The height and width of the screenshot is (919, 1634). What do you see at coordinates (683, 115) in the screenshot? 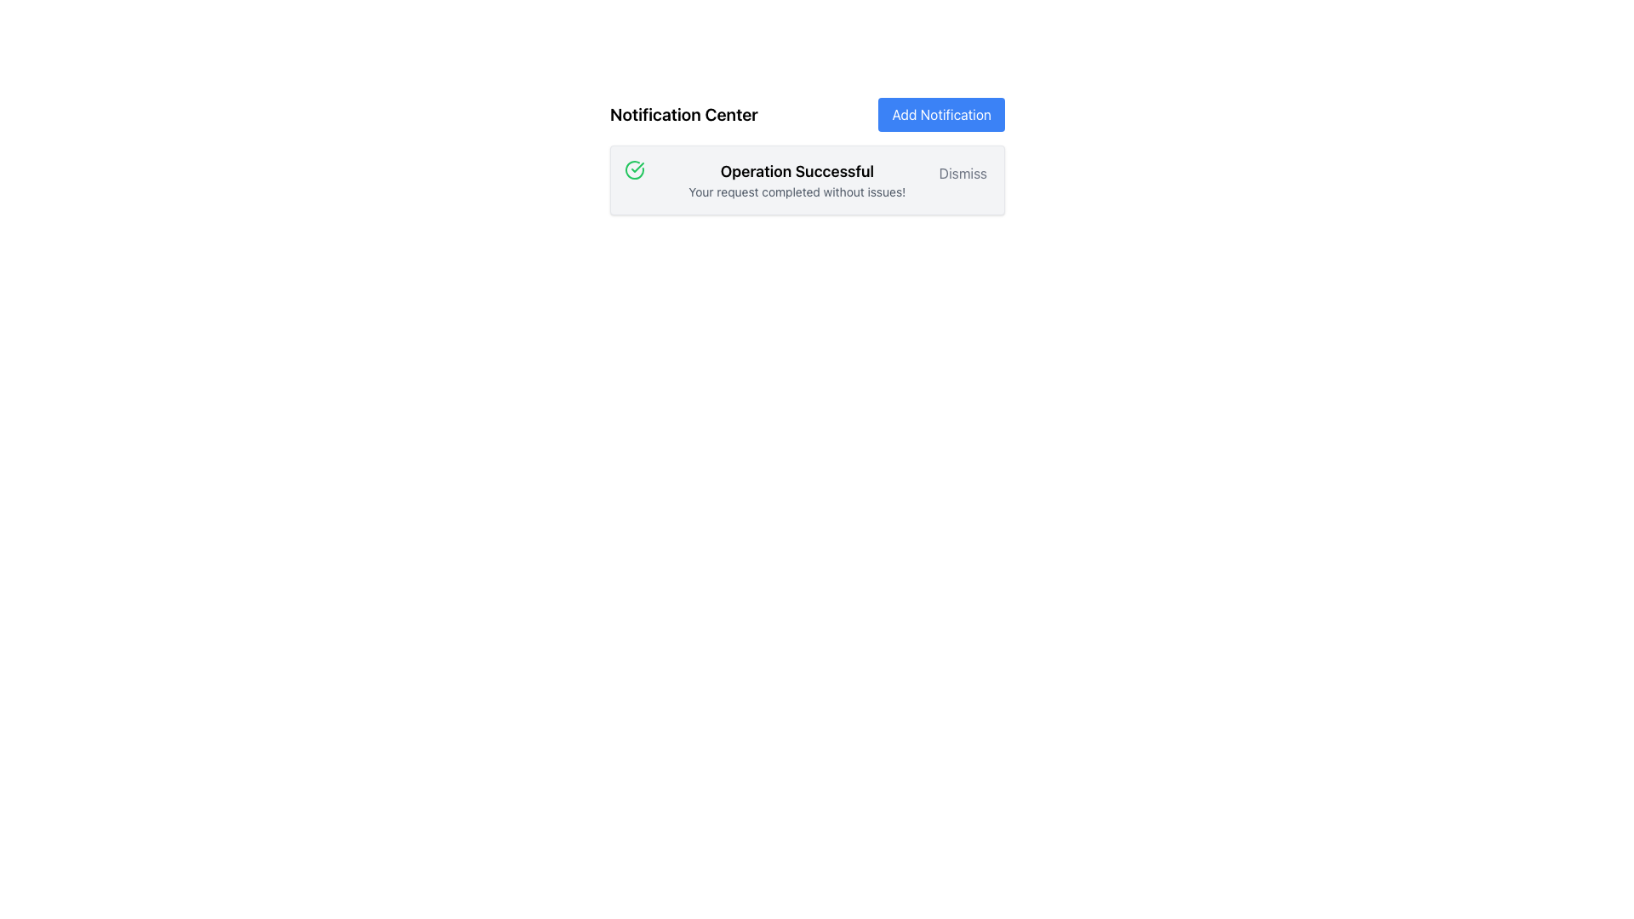
I see `the text label reading 'Notification Center', which is styled in bold with a larger font size, located at the upper left corner of a group, adjacent to the 'Add Notification' button` at bounding box center [683, 115].